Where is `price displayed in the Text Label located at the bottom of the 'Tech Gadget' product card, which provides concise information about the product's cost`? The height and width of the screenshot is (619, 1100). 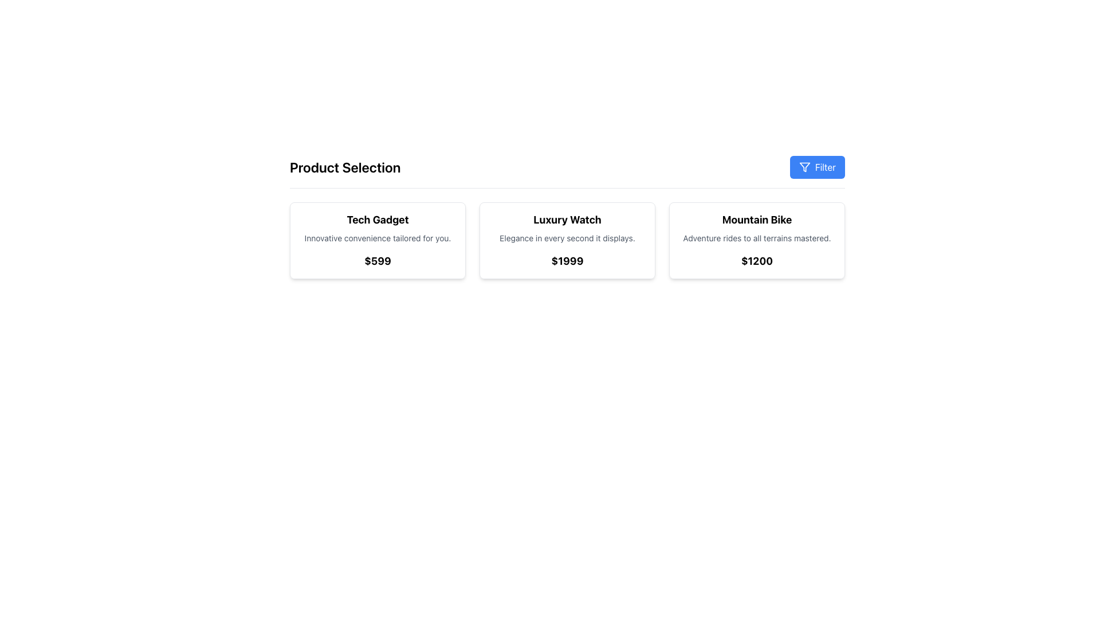
price displayed in the Text Label located at the bottom of the 'Tech Gadget' product card, which provides concise information about the product's cost is located at coordinates (378, 261).